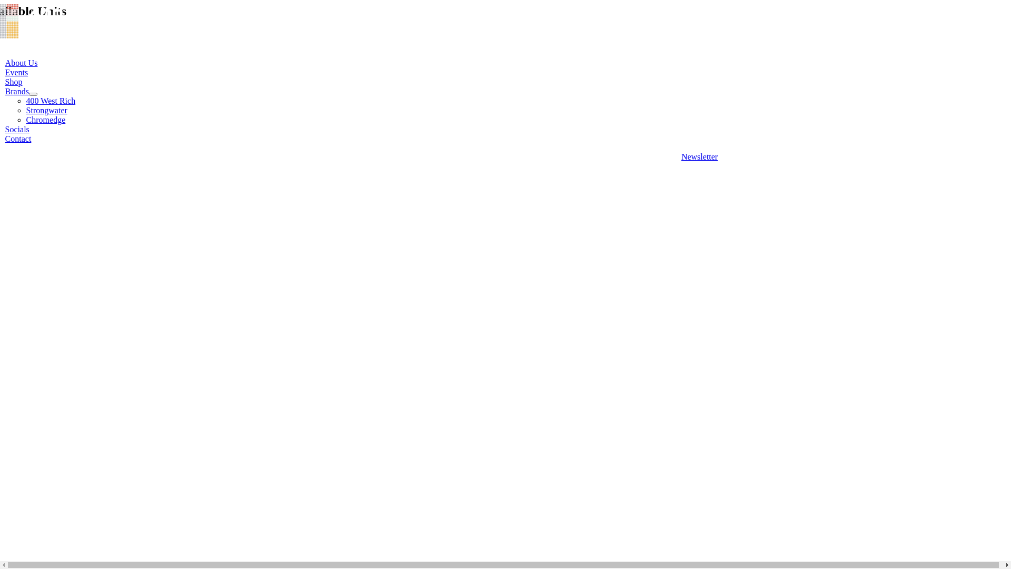 Image resolution: width=1011 pixels, height=569 pixels. I want to click on 'Socials', so click(17, 129).